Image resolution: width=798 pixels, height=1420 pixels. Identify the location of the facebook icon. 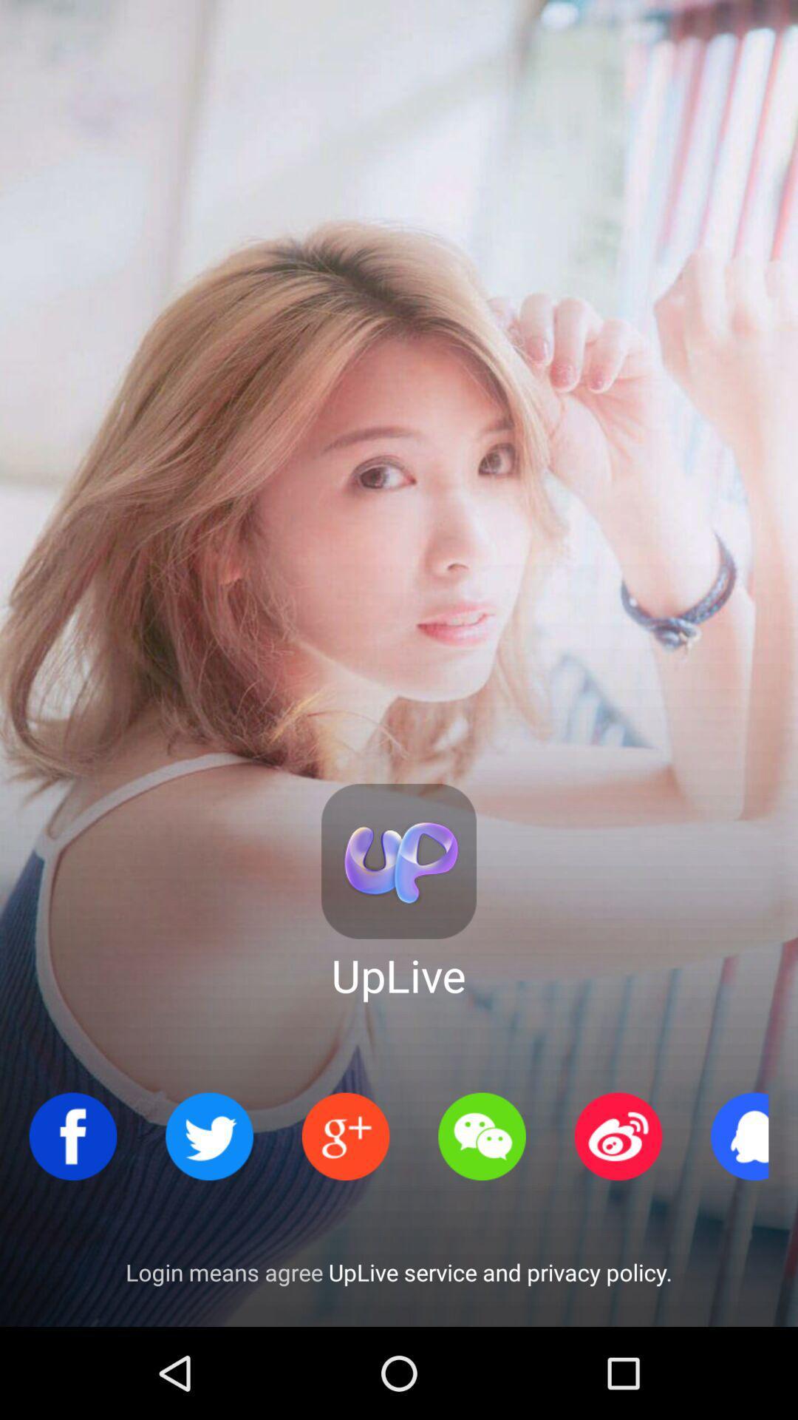
(73, 1135).